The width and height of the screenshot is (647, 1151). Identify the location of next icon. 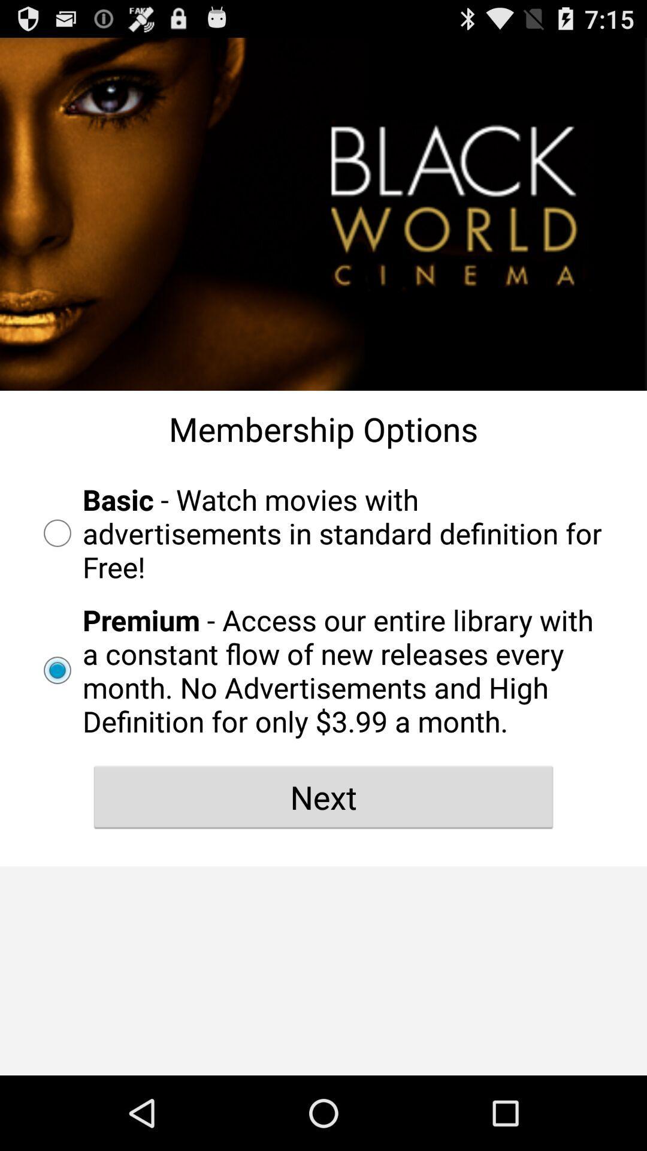
(323, 797).